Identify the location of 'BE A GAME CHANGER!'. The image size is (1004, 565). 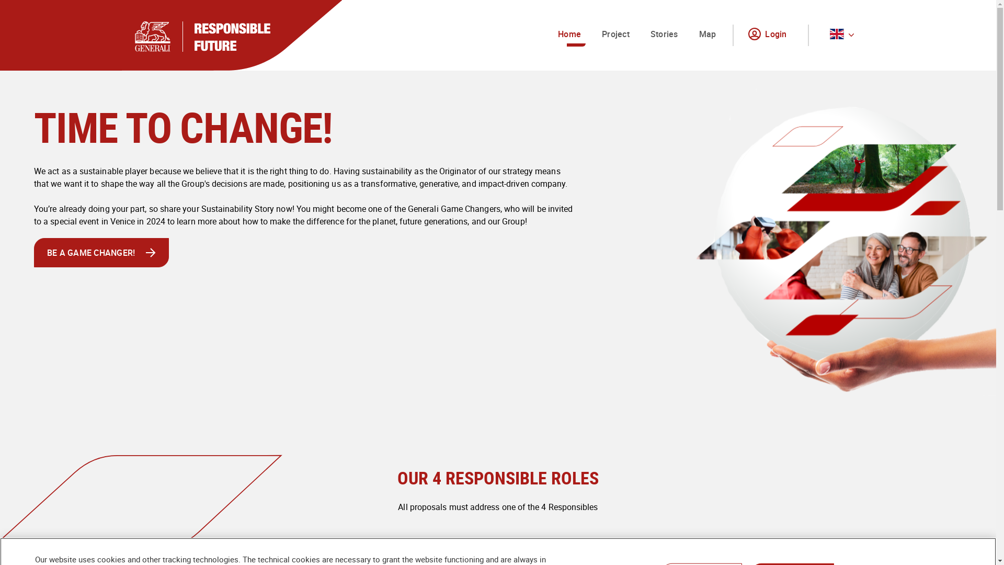
(101, 252).